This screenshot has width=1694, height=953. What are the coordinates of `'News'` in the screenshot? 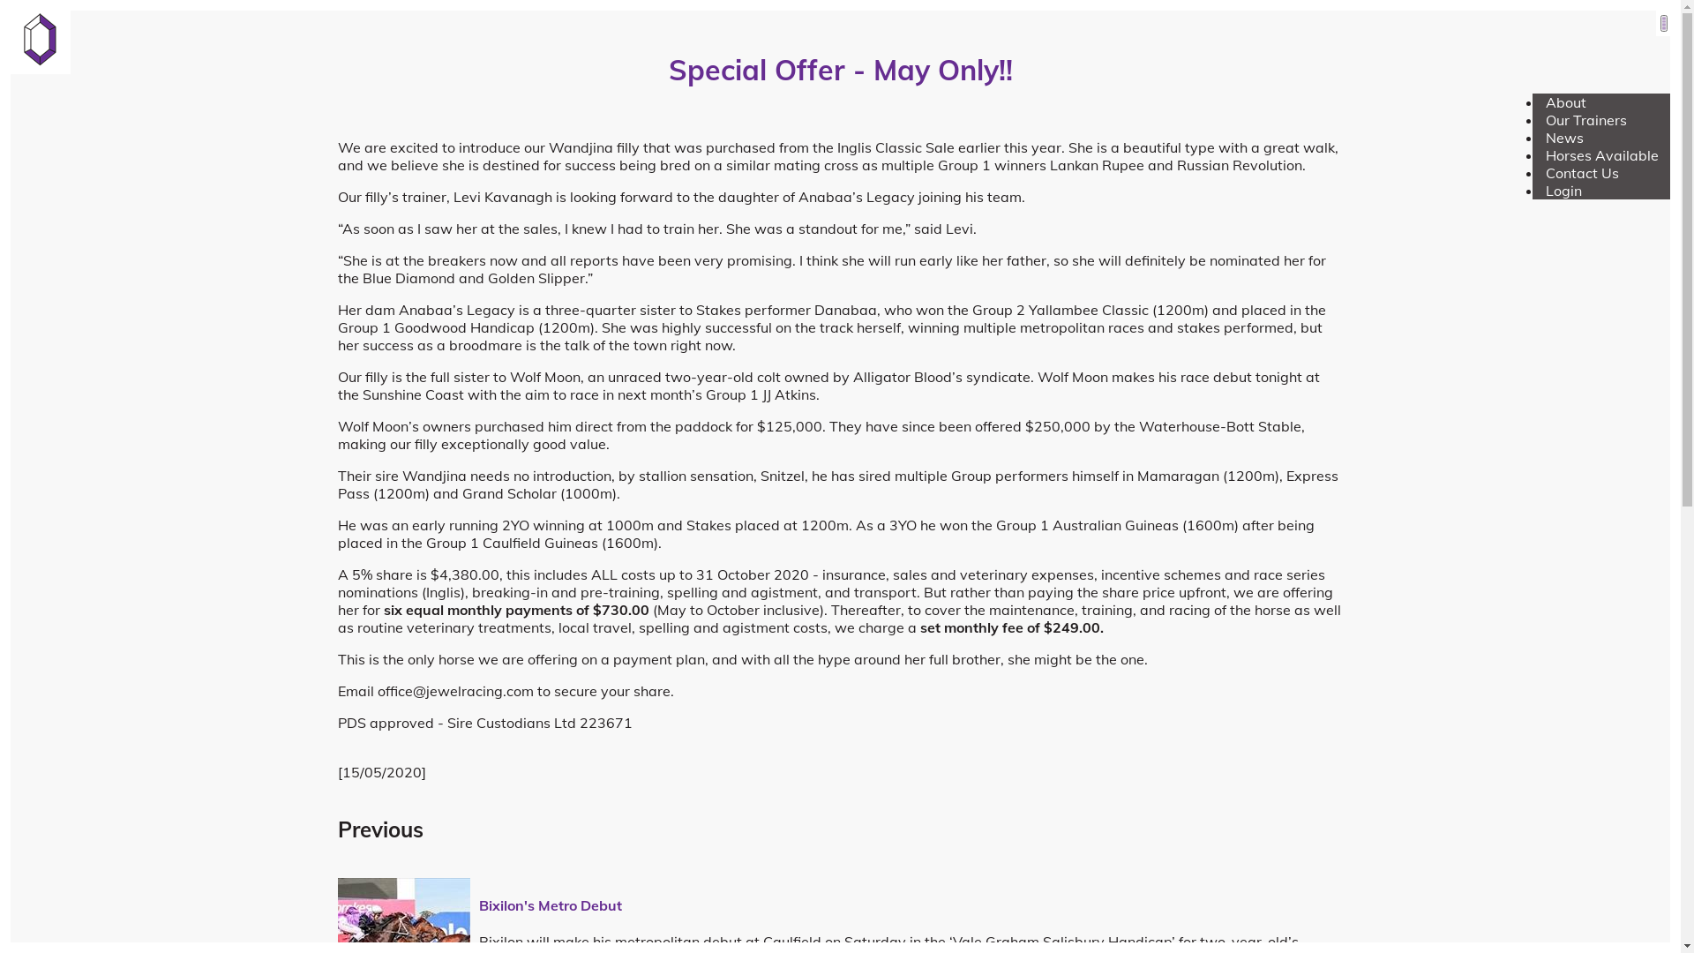 It's located at (1564, 136).